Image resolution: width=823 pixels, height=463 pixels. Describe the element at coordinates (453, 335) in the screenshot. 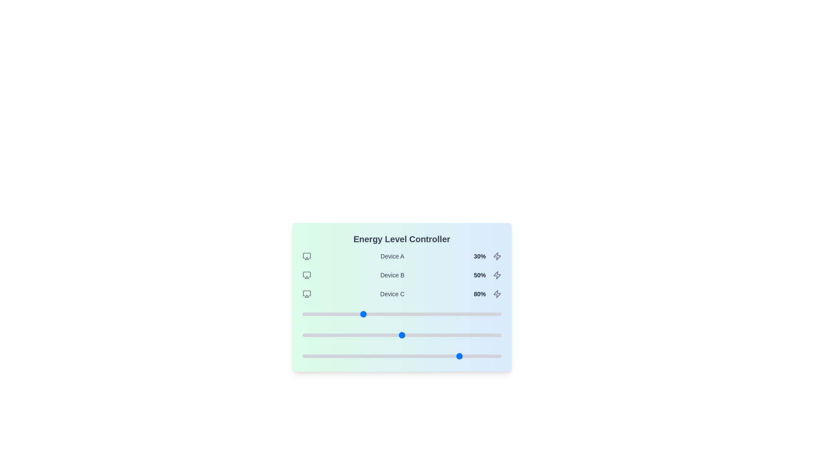

I see `the slider for Device B to set its energy level to 76%` at that location.